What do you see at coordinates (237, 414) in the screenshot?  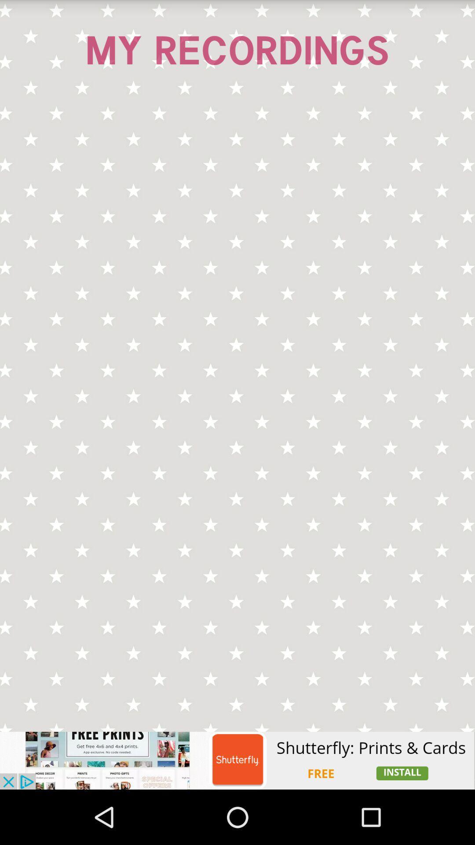 I see `seeing in the image` at bounding box center [237, 414].